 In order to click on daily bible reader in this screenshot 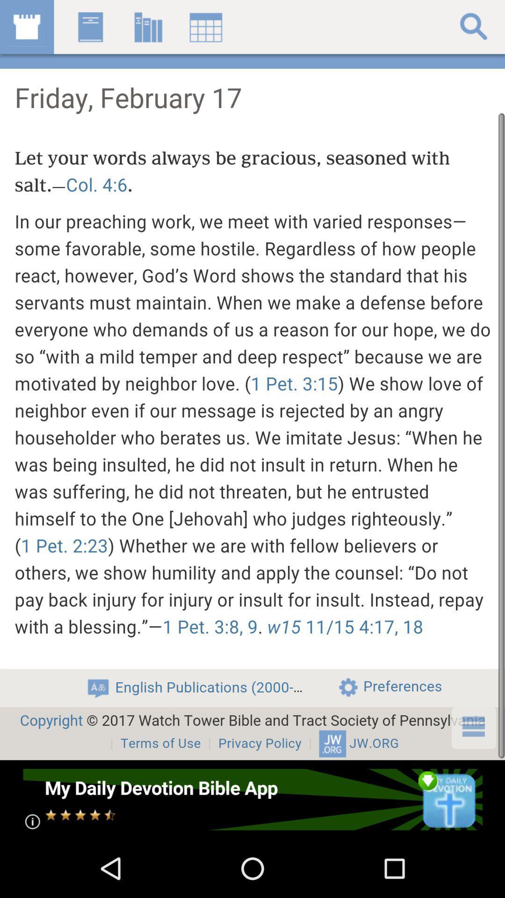, I will do `click(252, 799)`.